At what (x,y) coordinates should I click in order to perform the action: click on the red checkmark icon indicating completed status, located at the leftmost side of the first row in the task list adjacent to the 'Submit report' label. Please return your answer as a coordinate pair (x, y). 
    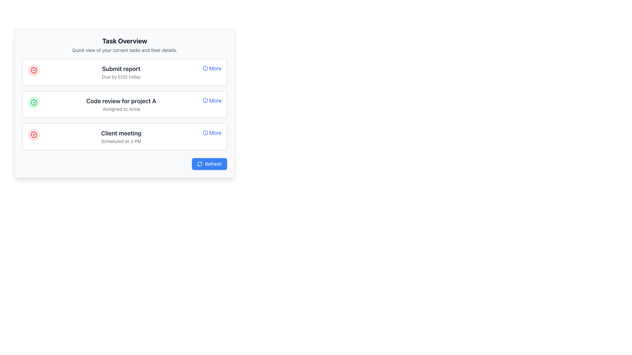
    Looking at the image, I should click on (33, 70).